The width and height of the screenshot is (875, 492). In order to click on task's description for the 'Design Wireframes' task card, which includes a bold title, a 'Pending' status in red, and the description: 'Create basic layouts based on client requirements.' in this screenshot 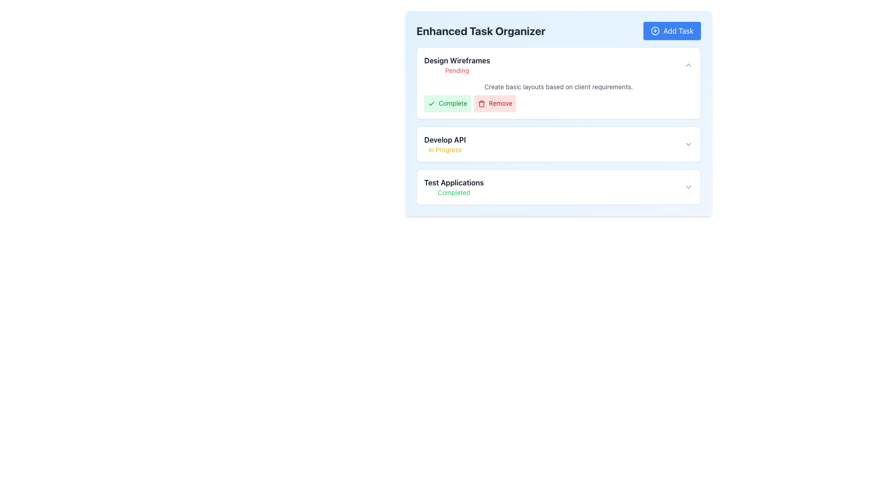, I will do `click(558, 83)`.